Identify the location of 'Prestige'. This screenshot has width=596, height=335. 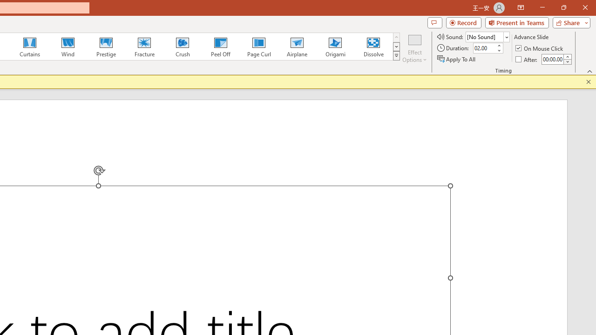
(106, 47).